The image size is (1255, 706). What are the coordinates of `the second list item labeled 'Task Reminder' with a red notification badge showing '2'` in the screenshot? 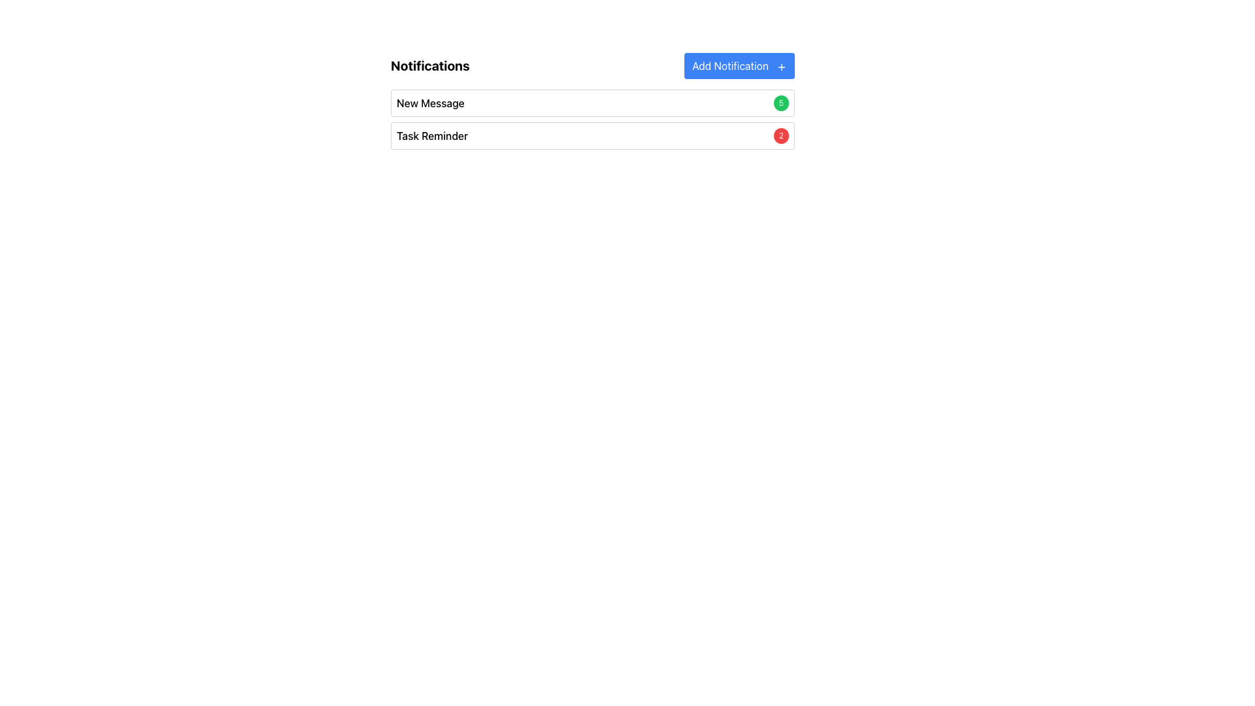 It's located at (592, 136).